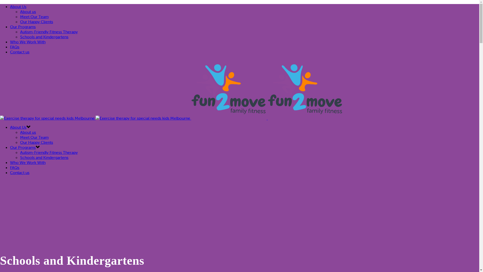  I want to click on 'FAQs', so click(10, 47).